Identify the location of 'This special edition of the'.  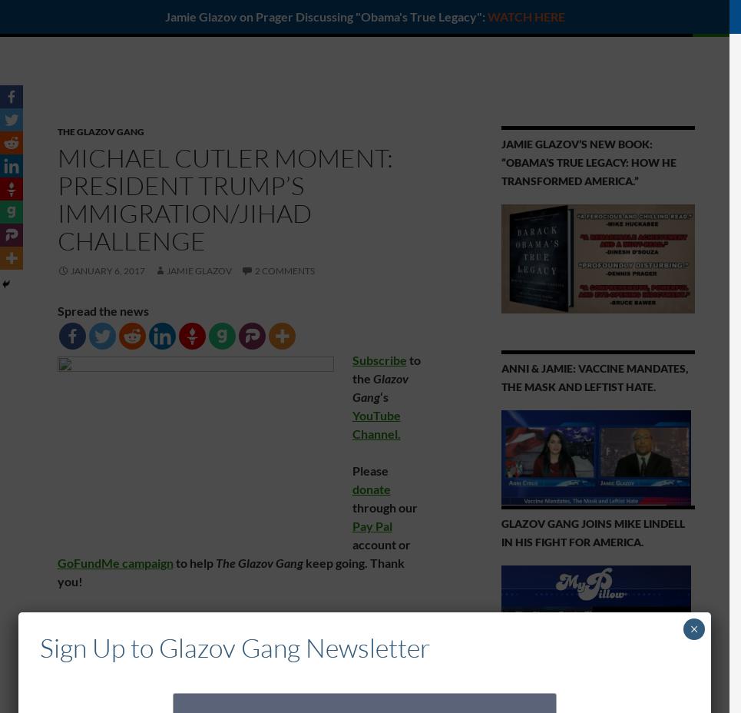
(57, 617).